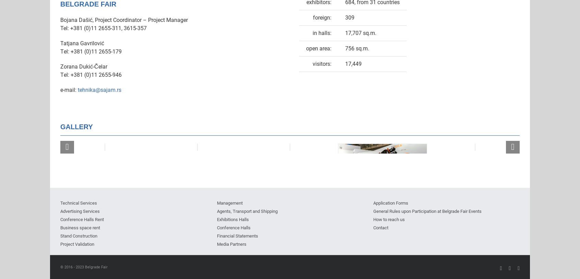 This screenshot has width=580, height=279. Describe the element at coordinates (427, 211) in the screenshot. I see `'General Rules upon Participation at Belgrade Fair Events'` at that location.